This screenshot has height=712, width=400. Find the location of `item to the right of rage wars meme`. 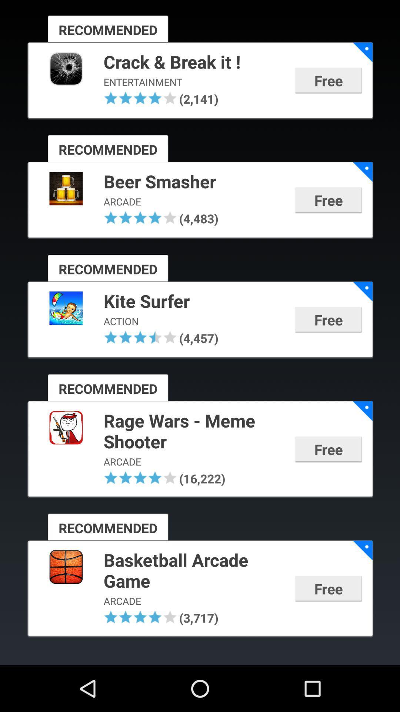

item to the right of rage wars meme is located at coordinates (362, 411).